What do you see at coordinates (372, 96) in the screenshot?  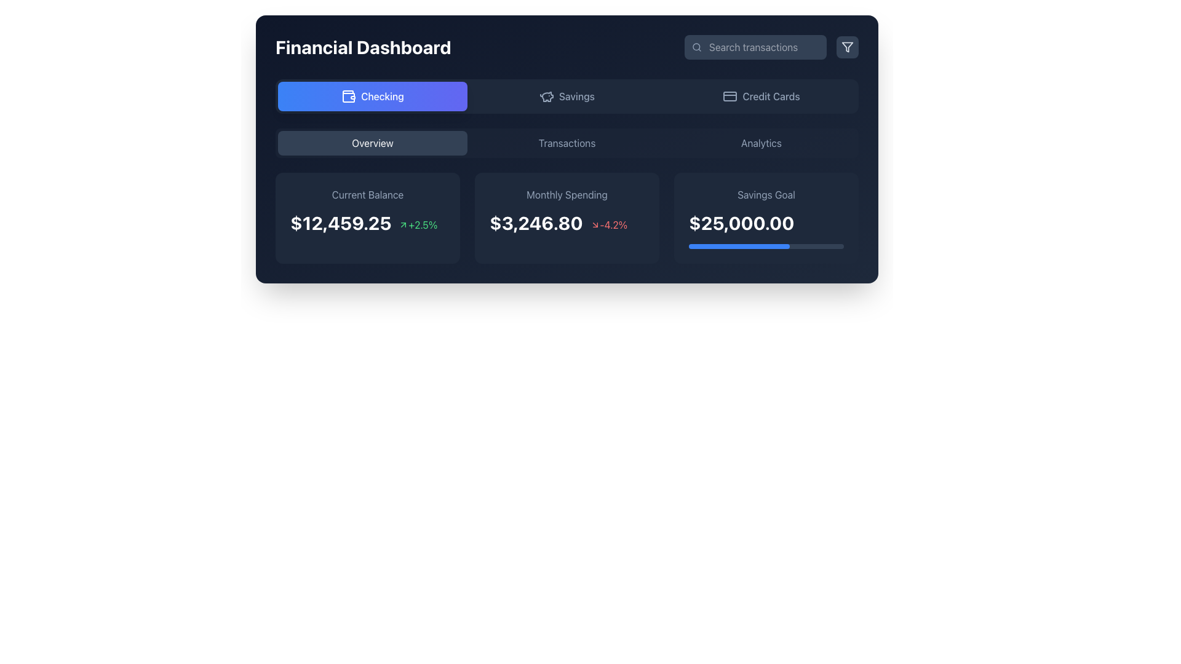 I see `the 'Checking' account details button, which is the first button in a row of three buttons, located to the left of the 'Savings' and 'Credit Cards' buttons, to trigger a visual response` at bounding box center [372, 96].